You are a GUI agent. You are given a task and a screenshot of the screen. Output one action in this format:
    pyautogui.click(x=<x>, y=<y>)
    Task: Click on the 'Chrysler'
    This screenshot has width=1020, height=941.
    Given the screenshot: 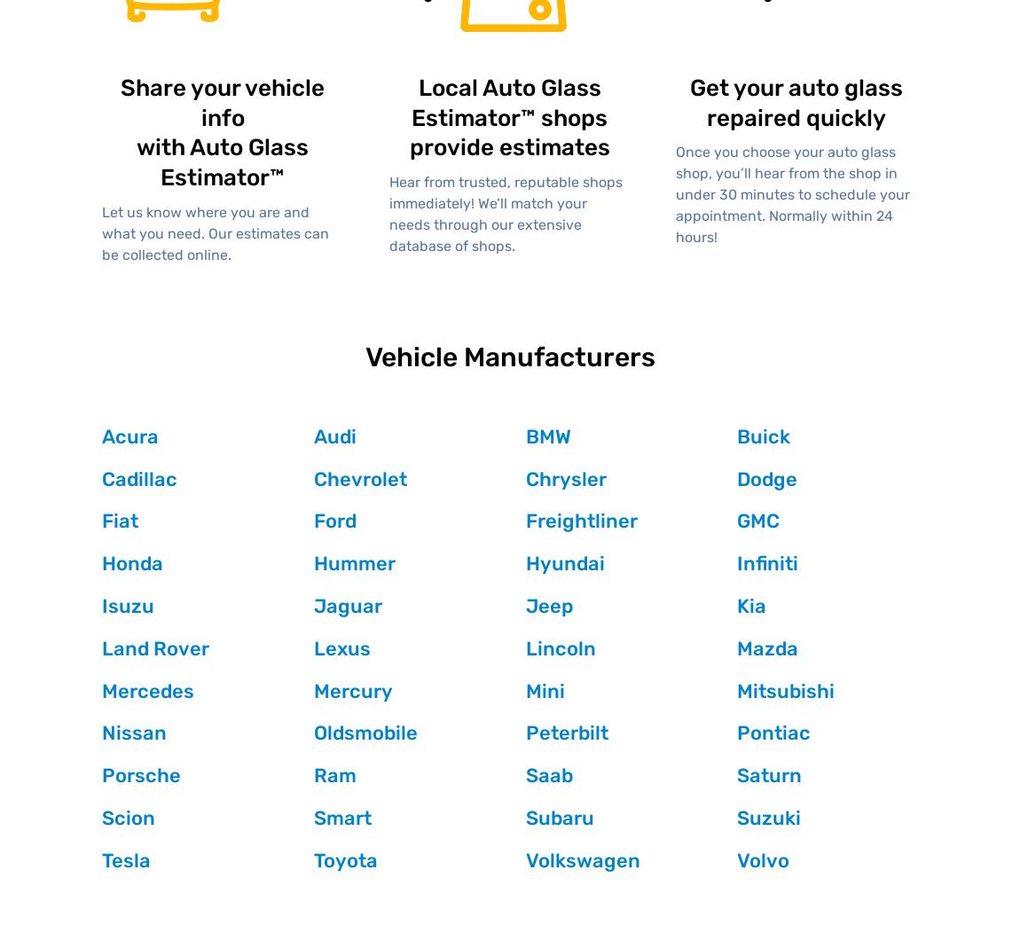 What is the action you would take?
    pyautogui.click(x=564, y=477)
    